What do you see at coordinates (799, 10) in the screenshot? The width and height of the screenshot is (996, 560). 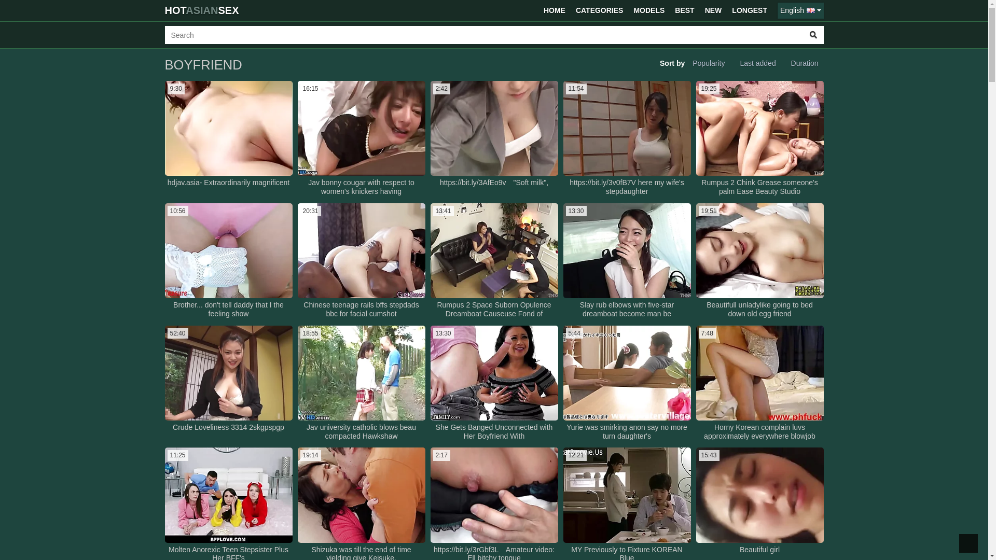 I see `'English'` at bounding box center [799, 10].